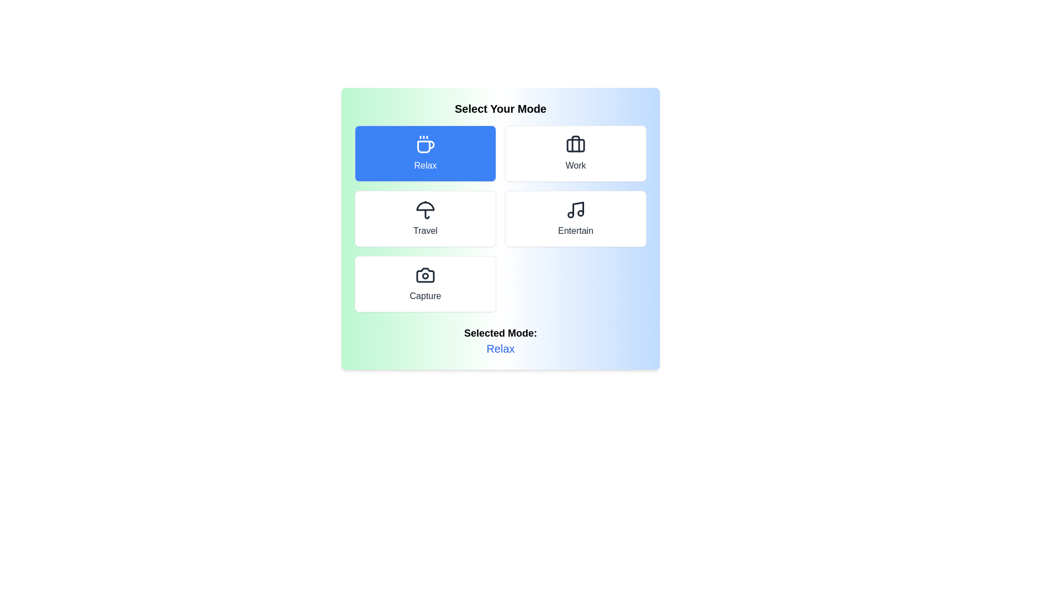  I want to click on the mode button corresponding to Travel, so click(424, 219).